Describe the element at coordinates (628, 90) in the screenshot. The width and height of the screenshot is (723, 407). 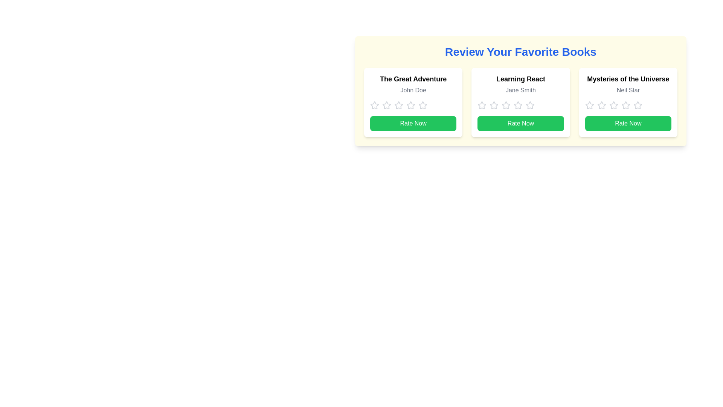
I see `the text label reading 'Neil Star', which is styled in a smaller gray font and positioned below the title 'Mysteries of the Universe' and above the star rating icons` at that location.